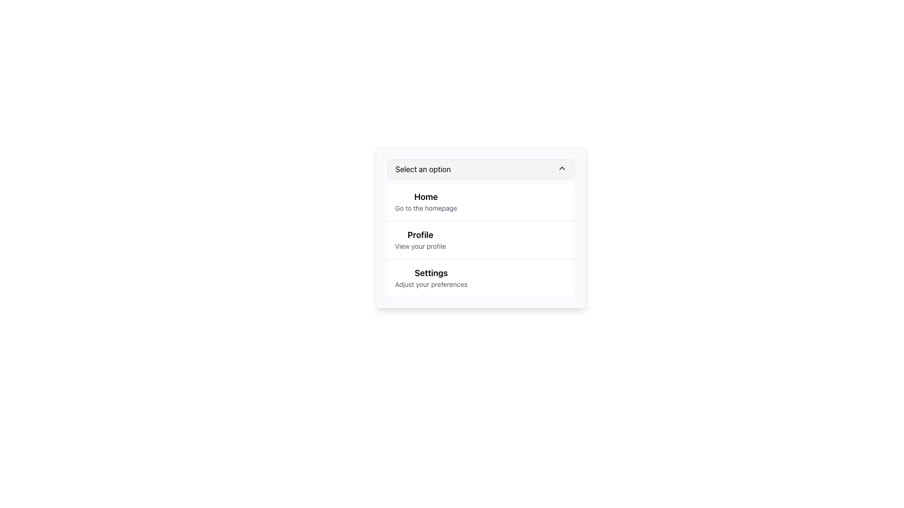 This screenshot has width=904, height=508. I want to click on the 'Home' text label in the dropdown menu, so click(425, 201).